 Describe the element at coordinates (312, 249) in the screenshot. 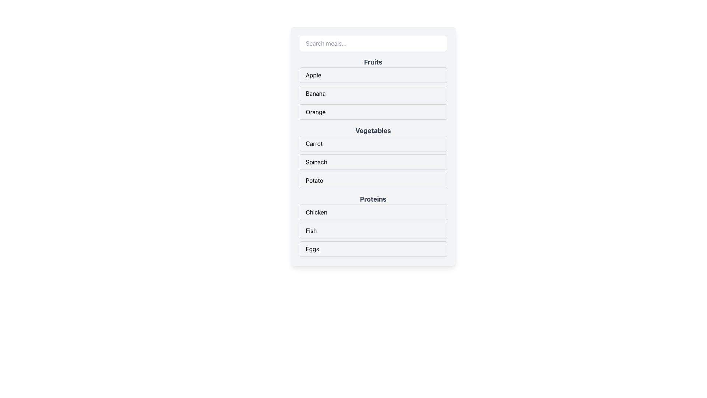

I see `the text label representing the food item 'Eggs', which is the last item in the 'Proteins' category` at that location.